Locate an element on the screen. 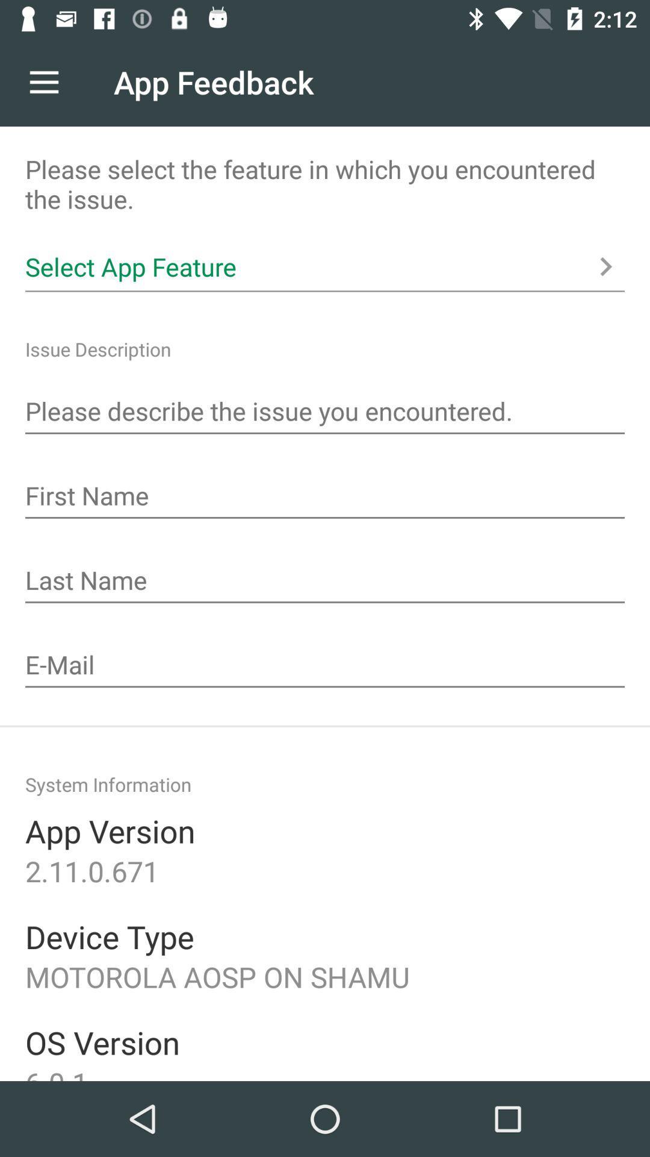  describe issue is located at coordinates (325, 413).